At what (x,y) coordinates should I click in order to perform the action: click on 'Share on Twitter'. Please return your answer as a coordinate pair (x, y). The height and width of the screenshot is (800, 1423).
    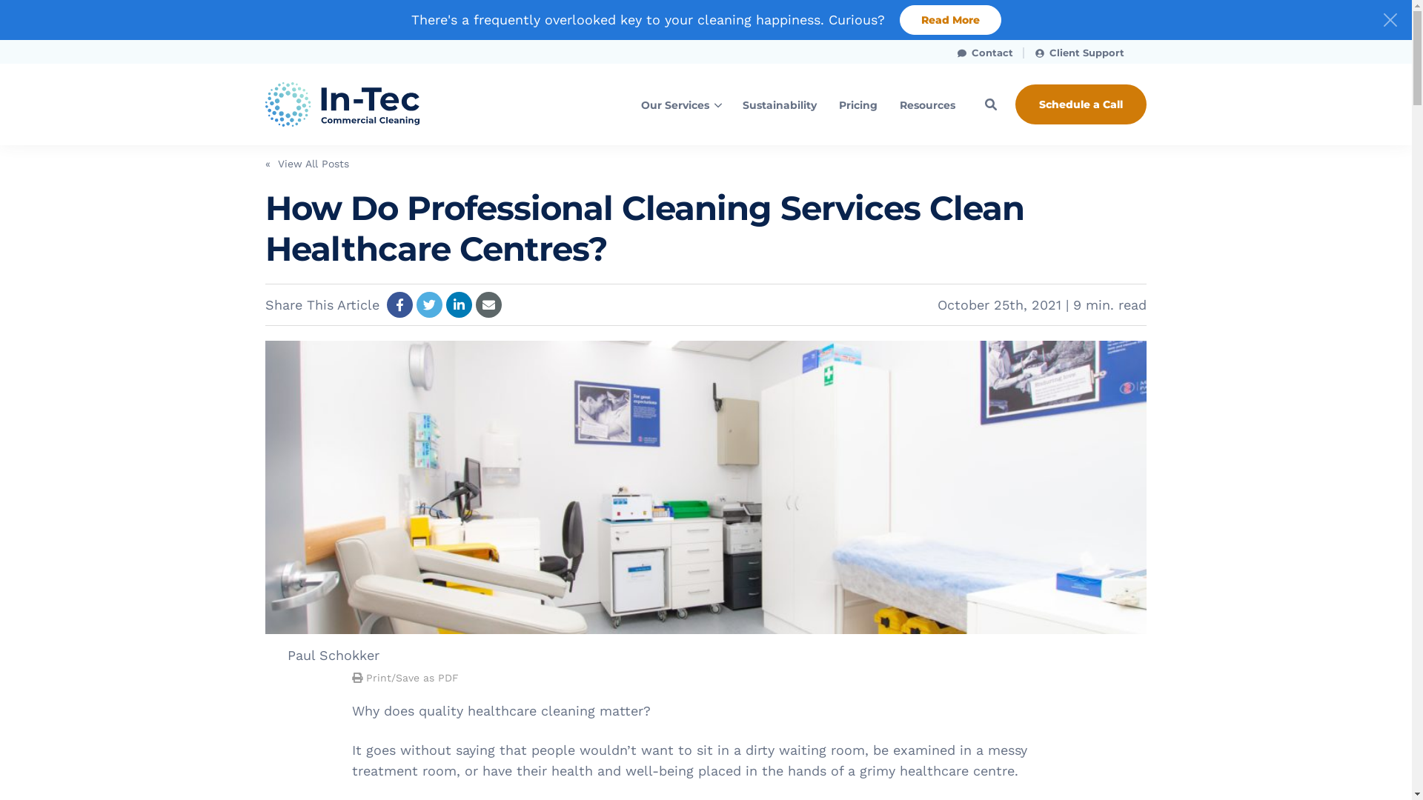
    Looking at the image, I should click on (428, 304).